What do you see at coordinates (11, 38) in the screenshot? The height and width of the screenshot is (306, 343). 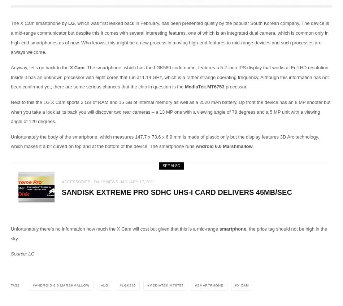 I see `', which was first leaked back in February, has been presented quietly by the popular South Korean company. The device is a mid-range communicator but despite this it comes with several interesting features, one of which is an integrated dual camera, which is common only in high-end smartphones as of now. Who knows, this might be a new process in moving high-end features to mid-range devices and such processes are always welcome.'` at bounding box center [11, 38].